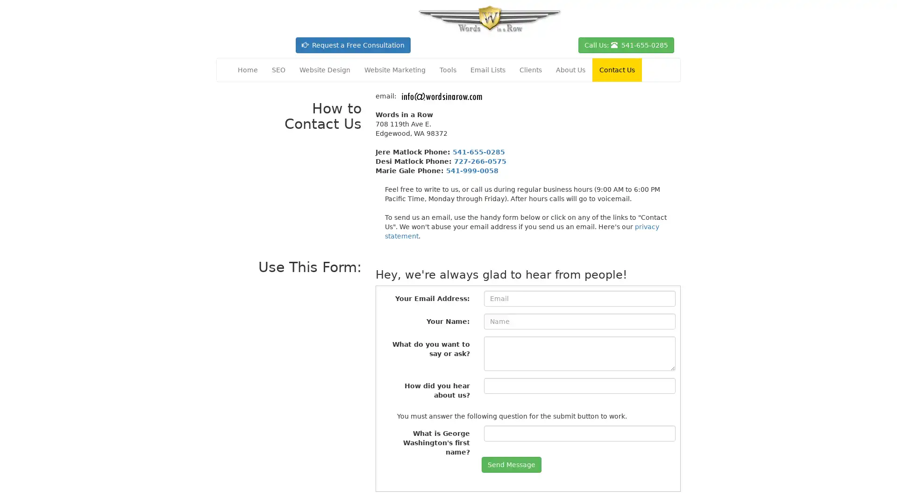 This screenshot has height=504, width=897. What do you see at coordinates (511, 464) in the screenshot?
I see `Send Message` at bounding box center [511, 464].